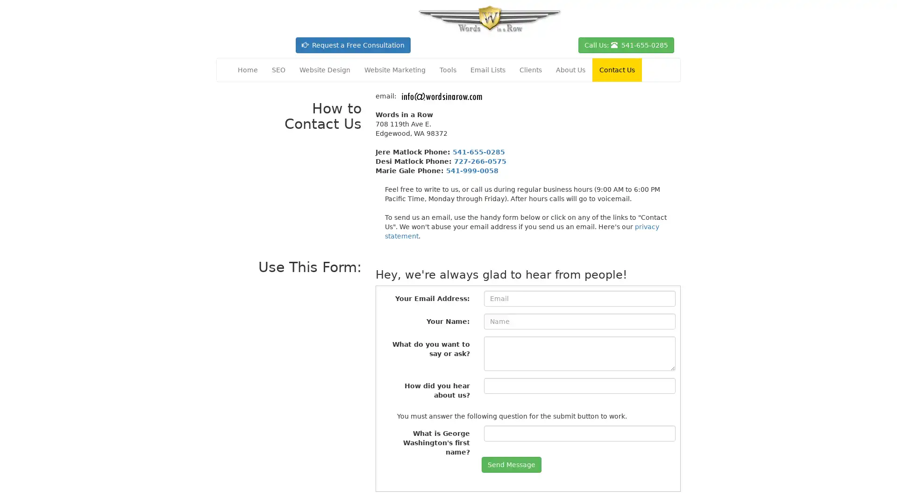 This screenshot has height=504, width=897. What do you see at coordinates (511, 464) in the screenshot?
I see `Send Message` at bounding box center [511, 464].